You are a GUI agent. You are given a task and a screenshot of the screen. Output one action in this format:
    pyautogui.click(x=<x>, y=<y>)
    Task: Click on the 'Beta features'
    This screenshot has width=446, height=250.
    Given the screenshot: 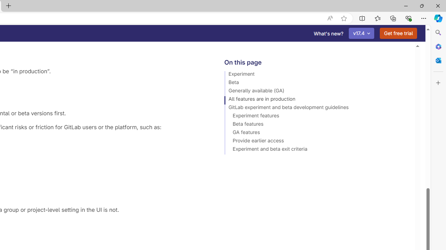 What is the action you would take?
    pyautogui.click(x=316, y=125)
    